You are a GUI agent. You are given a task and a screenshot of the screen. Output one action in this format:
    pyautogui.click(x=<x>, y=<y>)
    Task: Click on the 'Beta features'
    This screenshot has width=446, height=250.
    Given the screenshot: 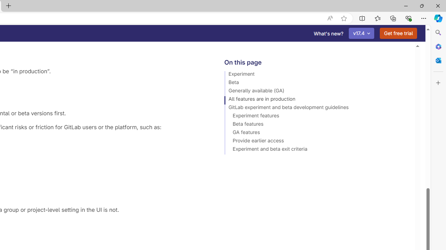 What is the action you would take?
    pyautogui.click(x=316, y=125)
    